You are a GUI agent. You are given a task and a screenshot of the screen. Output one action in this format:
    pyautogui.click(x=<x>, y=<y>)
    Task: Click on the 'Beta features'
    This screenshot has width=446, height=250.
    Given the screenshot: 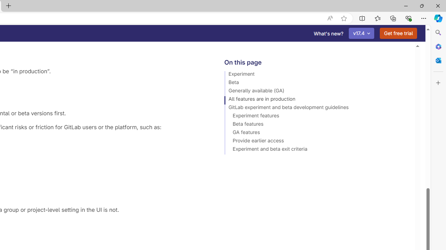 What is the action you would take?
    pyautogui.click(x=316, y=125)
    